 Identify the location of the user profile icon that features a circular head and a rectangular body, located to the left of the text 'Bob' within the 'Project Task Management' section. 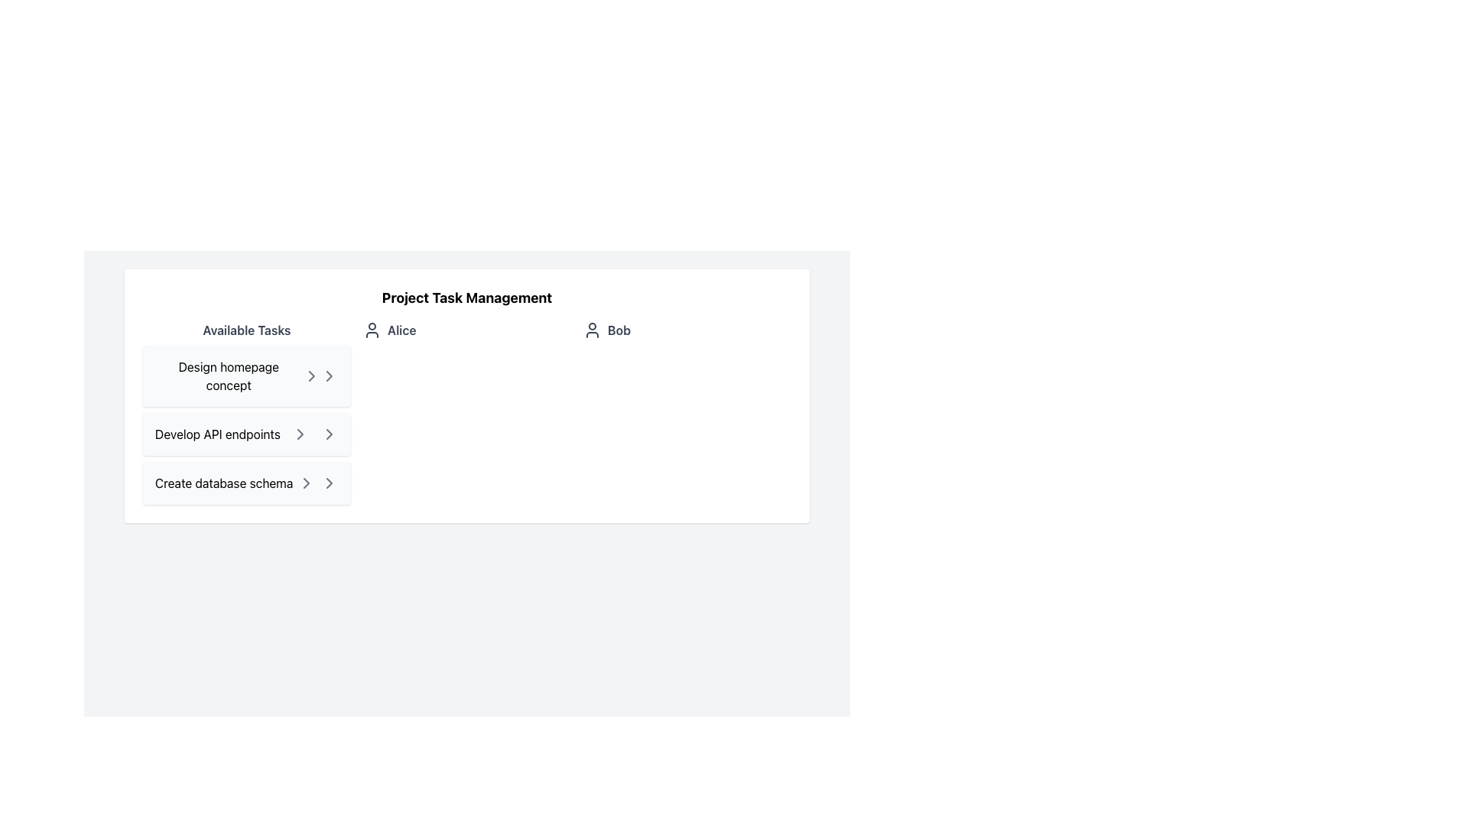
(591, 330).